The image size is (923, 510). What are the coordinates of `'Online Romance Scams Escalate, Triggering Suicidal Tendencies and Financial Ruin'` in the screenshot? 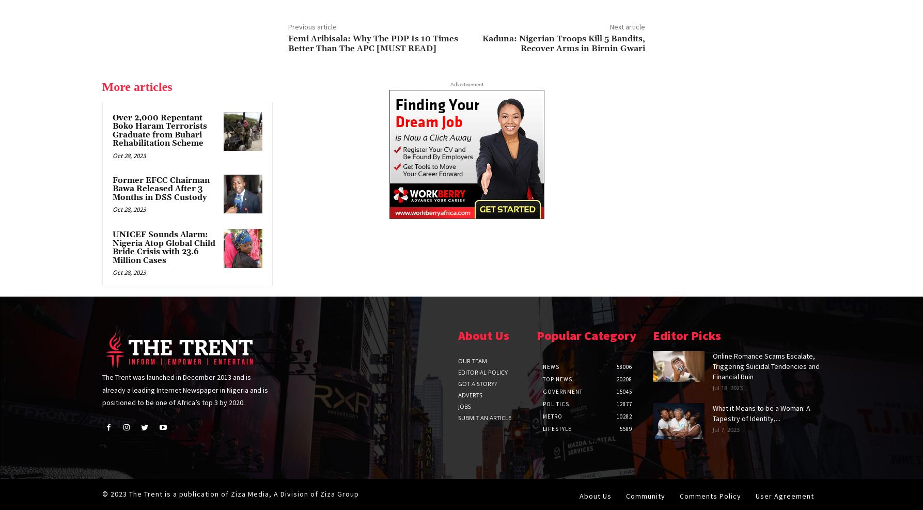 It's located at (766, 365).